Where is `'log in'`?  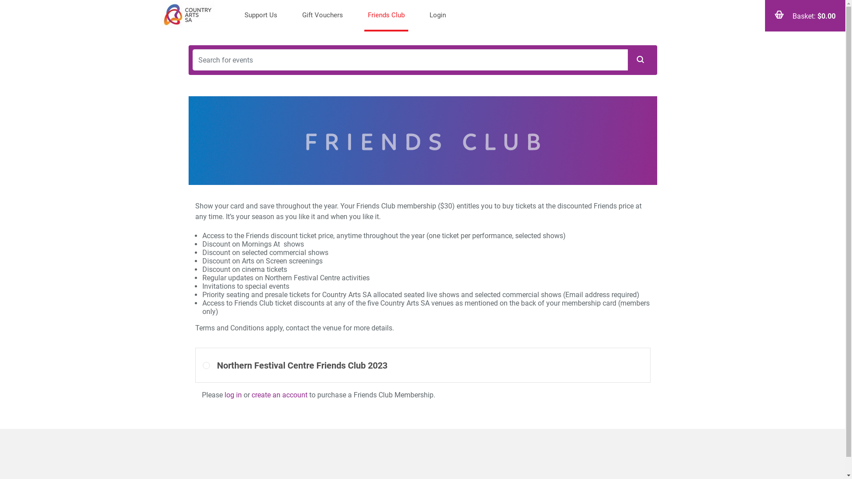 'log in' is located at coordinates (233, 394).